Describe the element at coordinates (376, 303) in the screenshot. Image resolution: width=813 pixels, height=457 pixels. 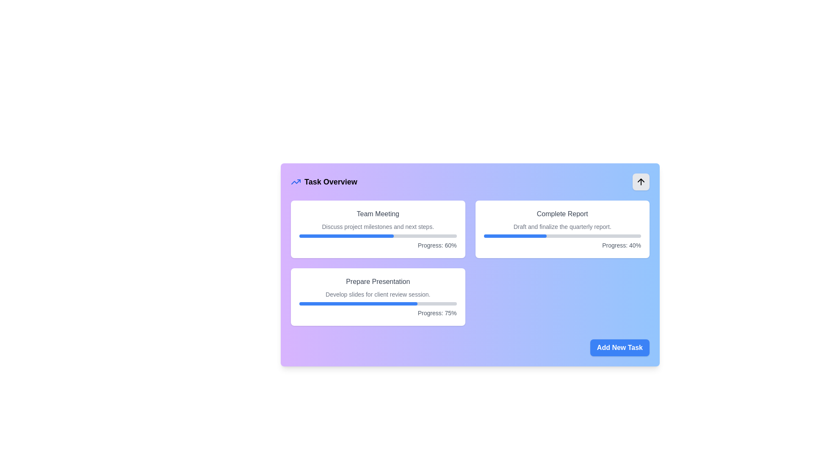
I see `the progress of the 'Prepare Presentation' task` at that location.